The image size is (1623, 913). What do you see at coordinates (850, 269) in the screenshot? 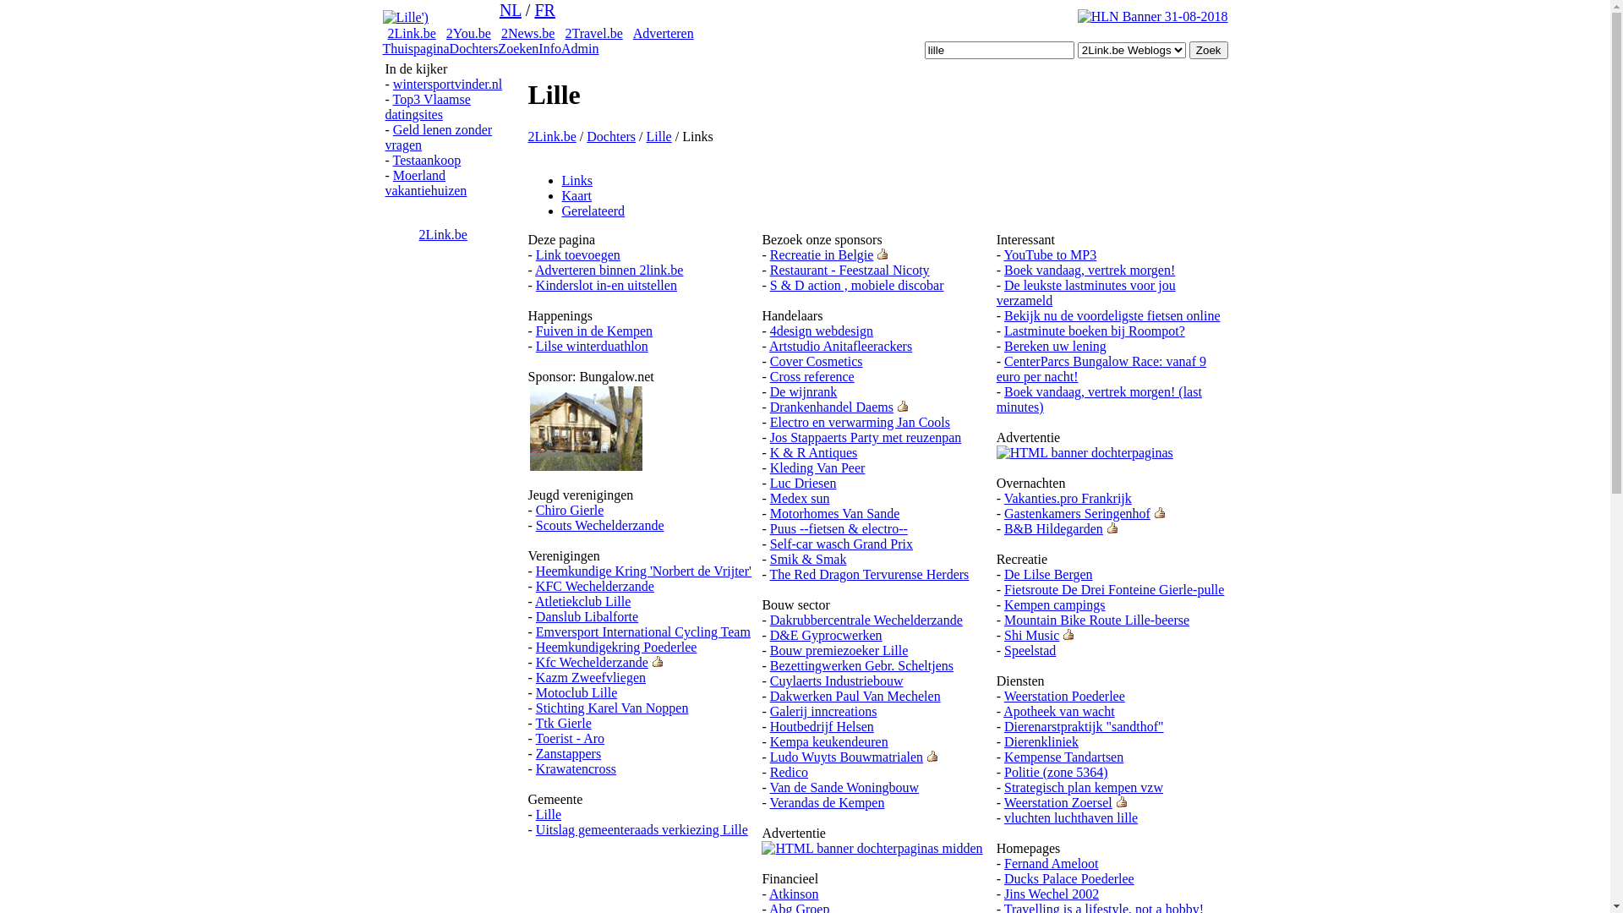
I see `'Restaurant - Feestzaal Nicoty'` at bounding box center [850, 269].